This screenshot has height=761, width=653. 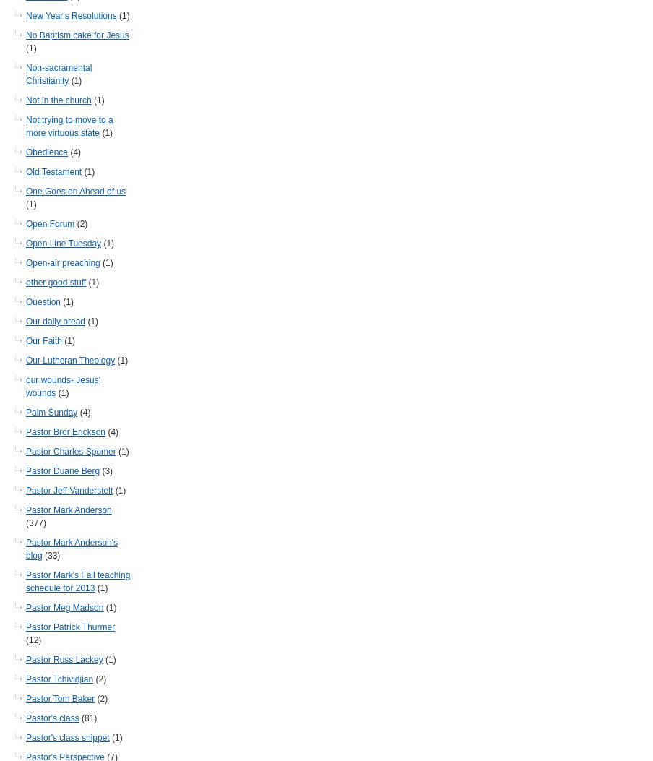 What do you see at coordinates (58, 100) in the screenshot?
I see `'Not in the church'` at bounding box center [58, 100].